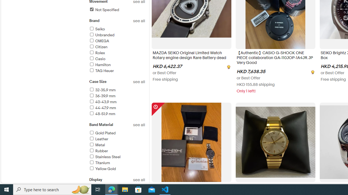 Image resolution: width=348 pixels, height=195 pixels. I want to click on 'See all display refinements', so click(139, 180).